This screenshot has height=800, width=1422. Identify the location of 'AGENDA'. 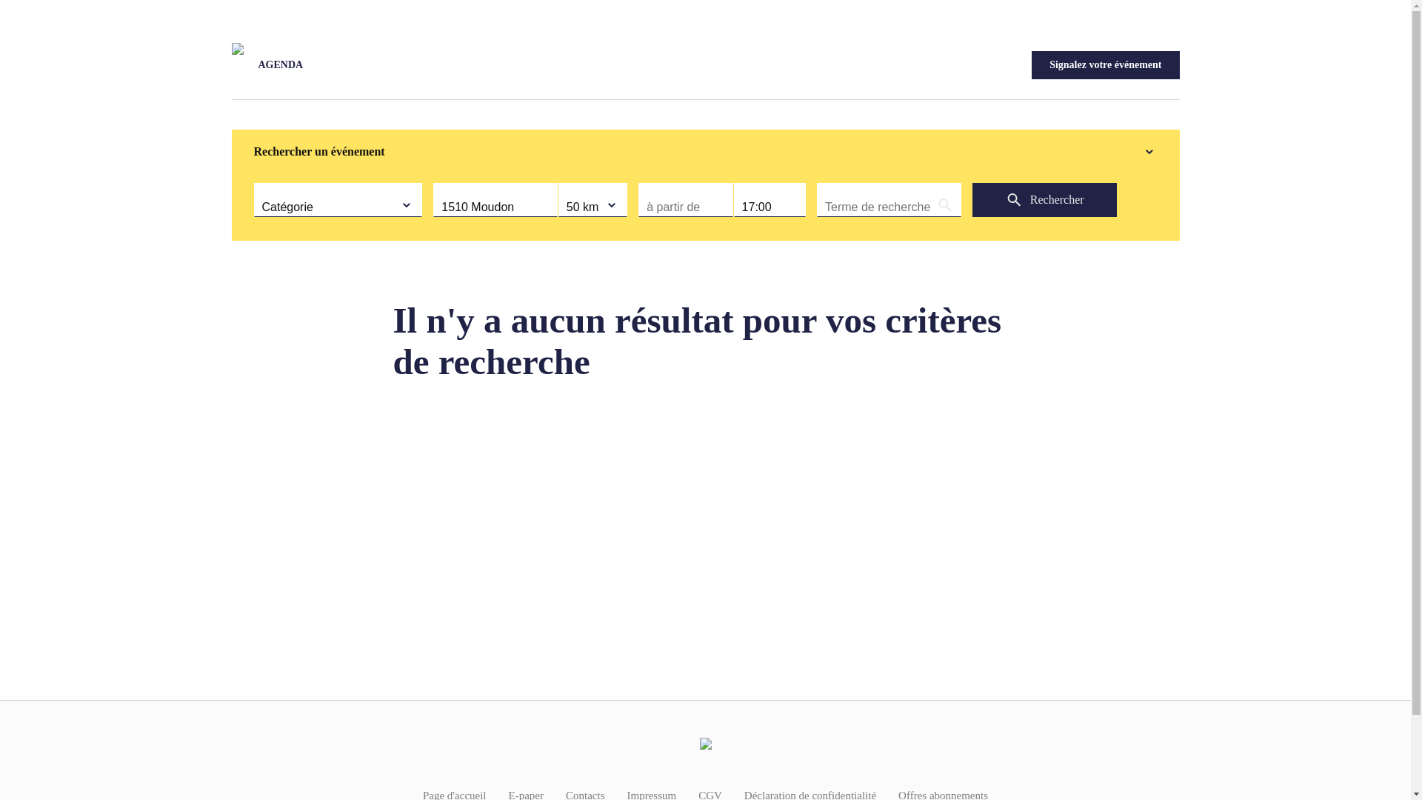
(280, 64).